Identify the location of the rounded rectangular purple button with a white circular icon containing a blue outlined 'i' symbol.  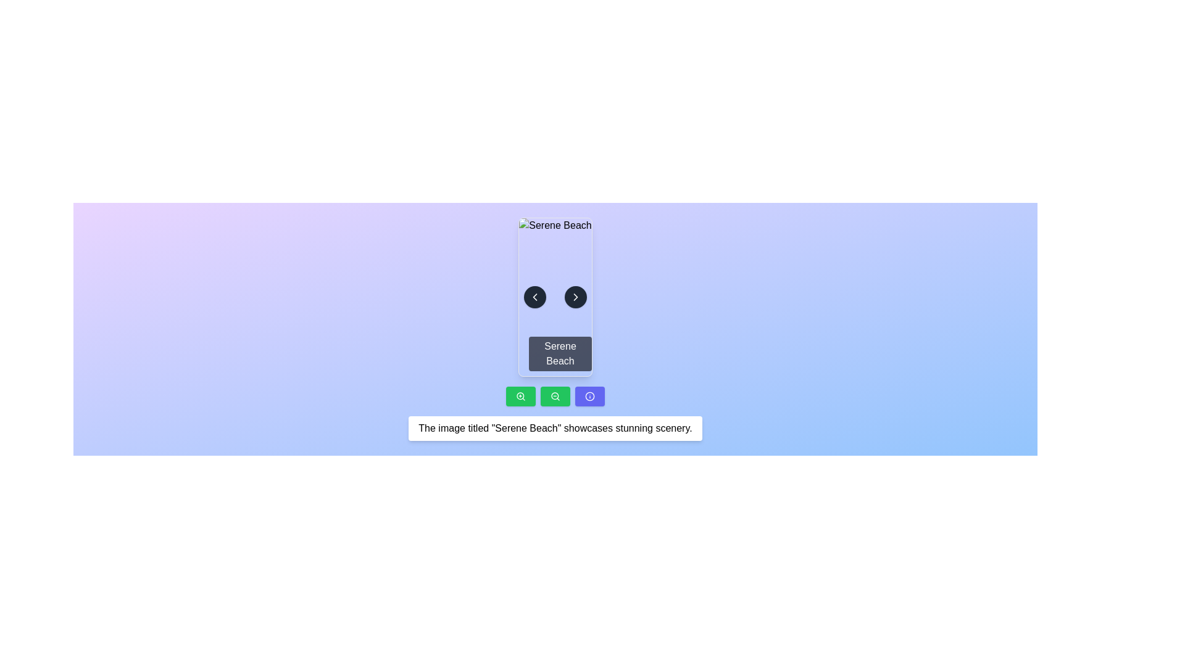
(589, 397).